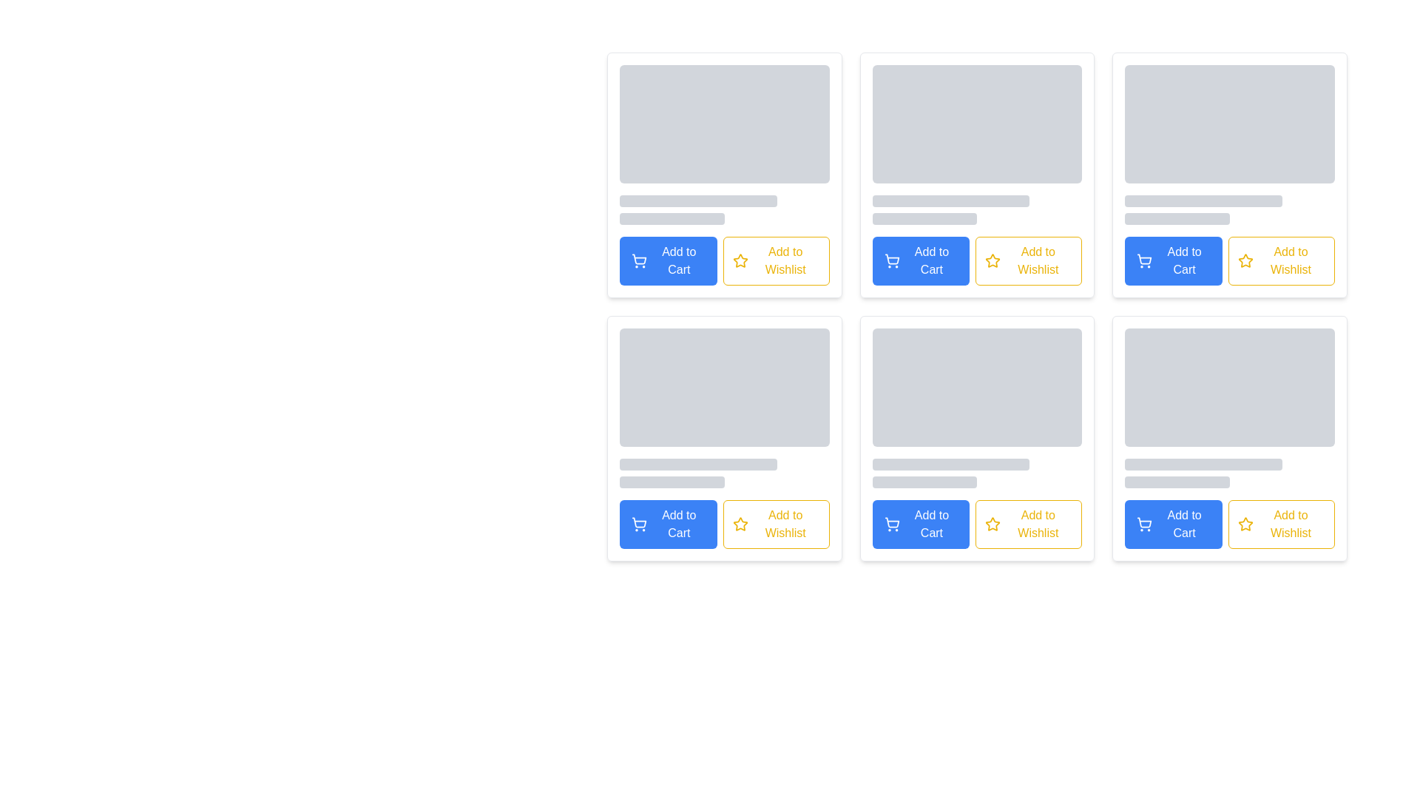 The height and width of the screenshot is (799, 1420). I want to click on the product card located in the top-right corner of the grid, which features a grey placeholder image and buttons labeled 'Add to Cart' and 'Add to Wishlist', so click(1230, 174).